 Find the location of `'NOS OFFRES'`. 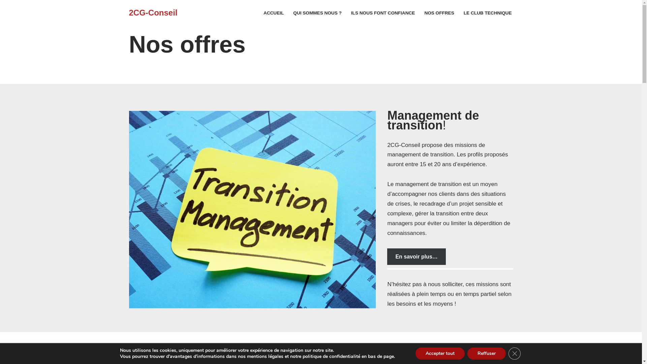

'NOS OFFRES' is located at coordinates (439, 13).